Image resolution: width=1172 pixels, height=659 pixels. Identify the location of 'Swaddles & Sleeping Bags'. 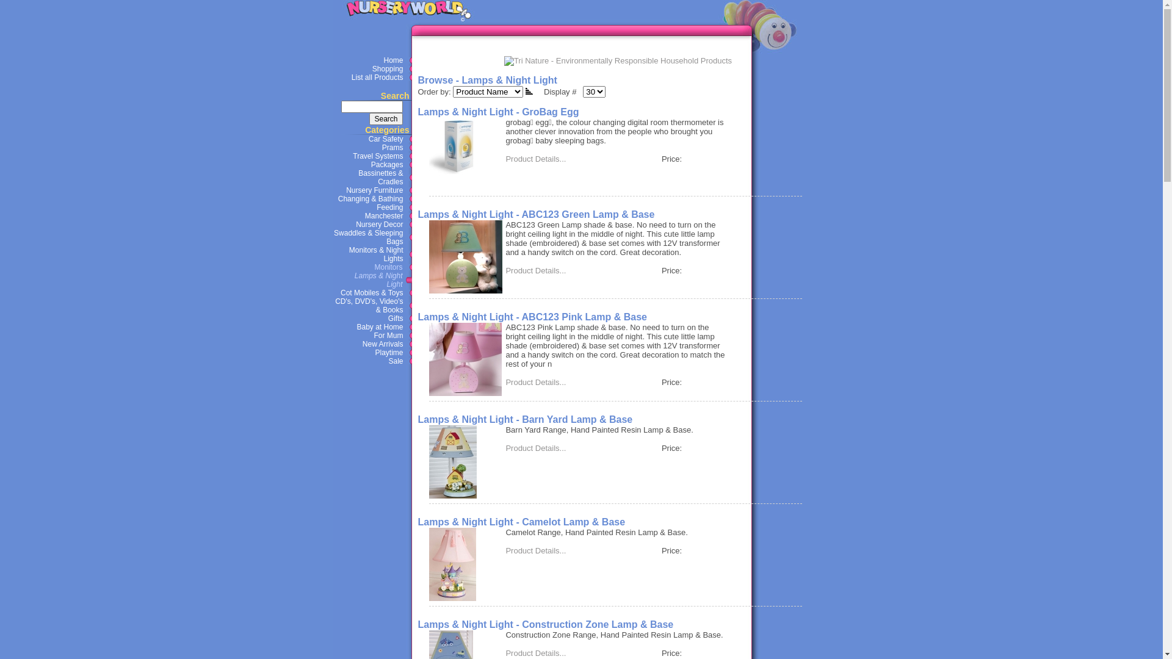
(331, 237).